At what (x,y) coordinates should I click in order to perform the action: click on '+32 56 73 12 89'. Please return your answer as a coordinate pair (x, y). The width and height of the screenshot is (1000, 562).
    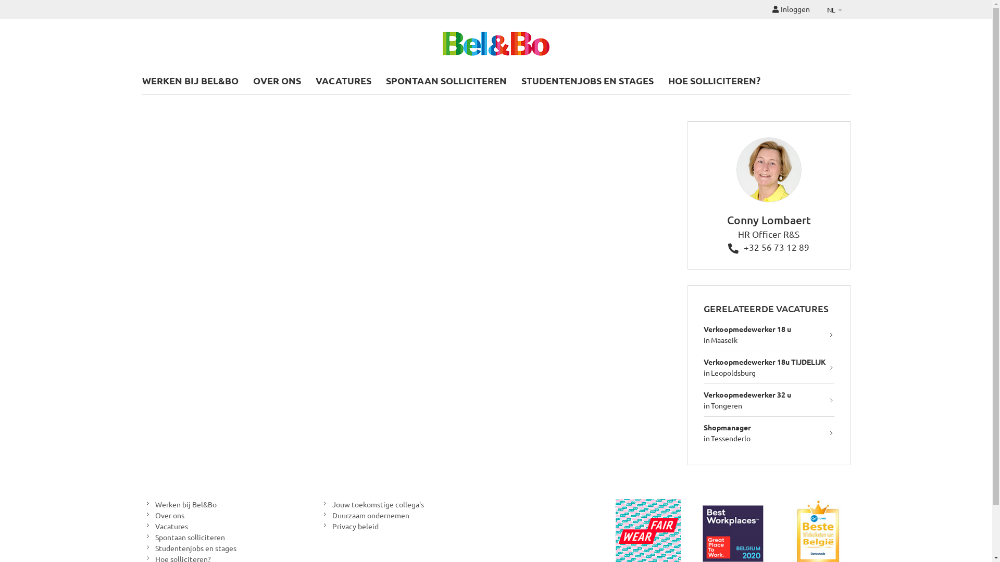
    Looking at the image, I should click on (769, 247).